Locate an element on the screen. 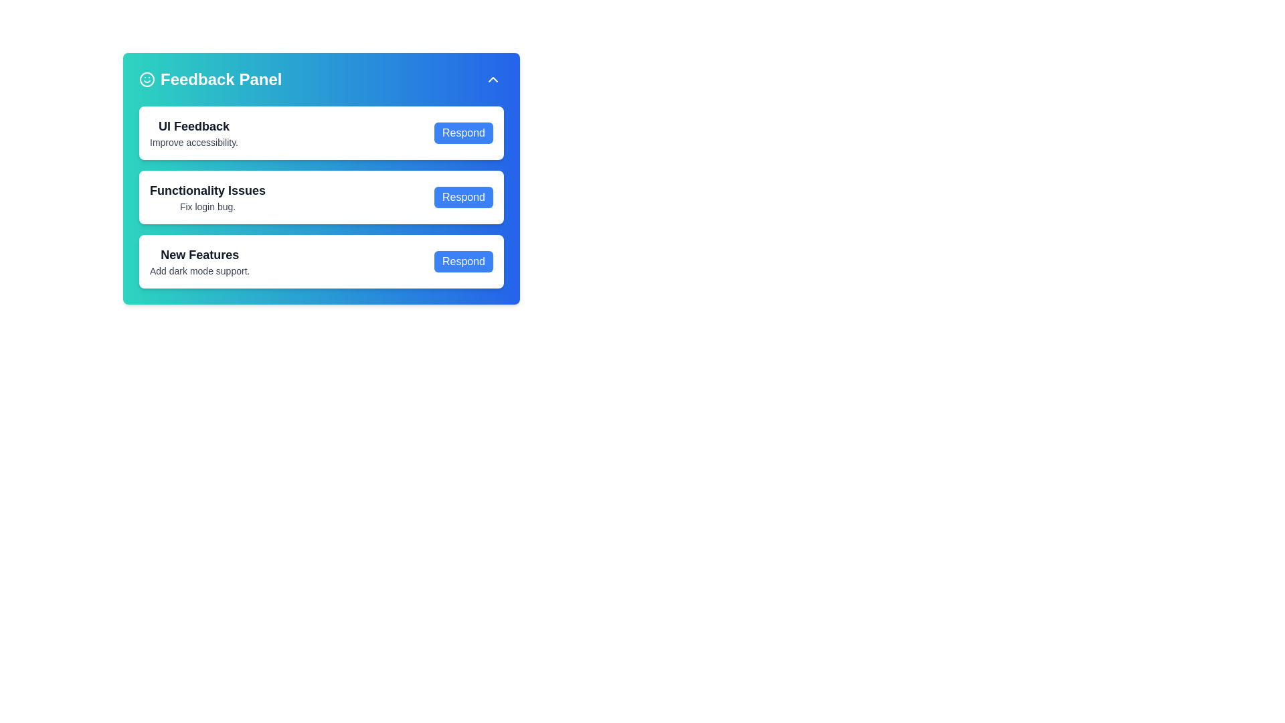 This screenshot has width=1285, height=723. the SVG Circle that serves as a visual detail in the smiley face icon, located at the top left corner of the 'Feedback Panel' interface, next to the panel's title text is located at coordinates (147, 80).